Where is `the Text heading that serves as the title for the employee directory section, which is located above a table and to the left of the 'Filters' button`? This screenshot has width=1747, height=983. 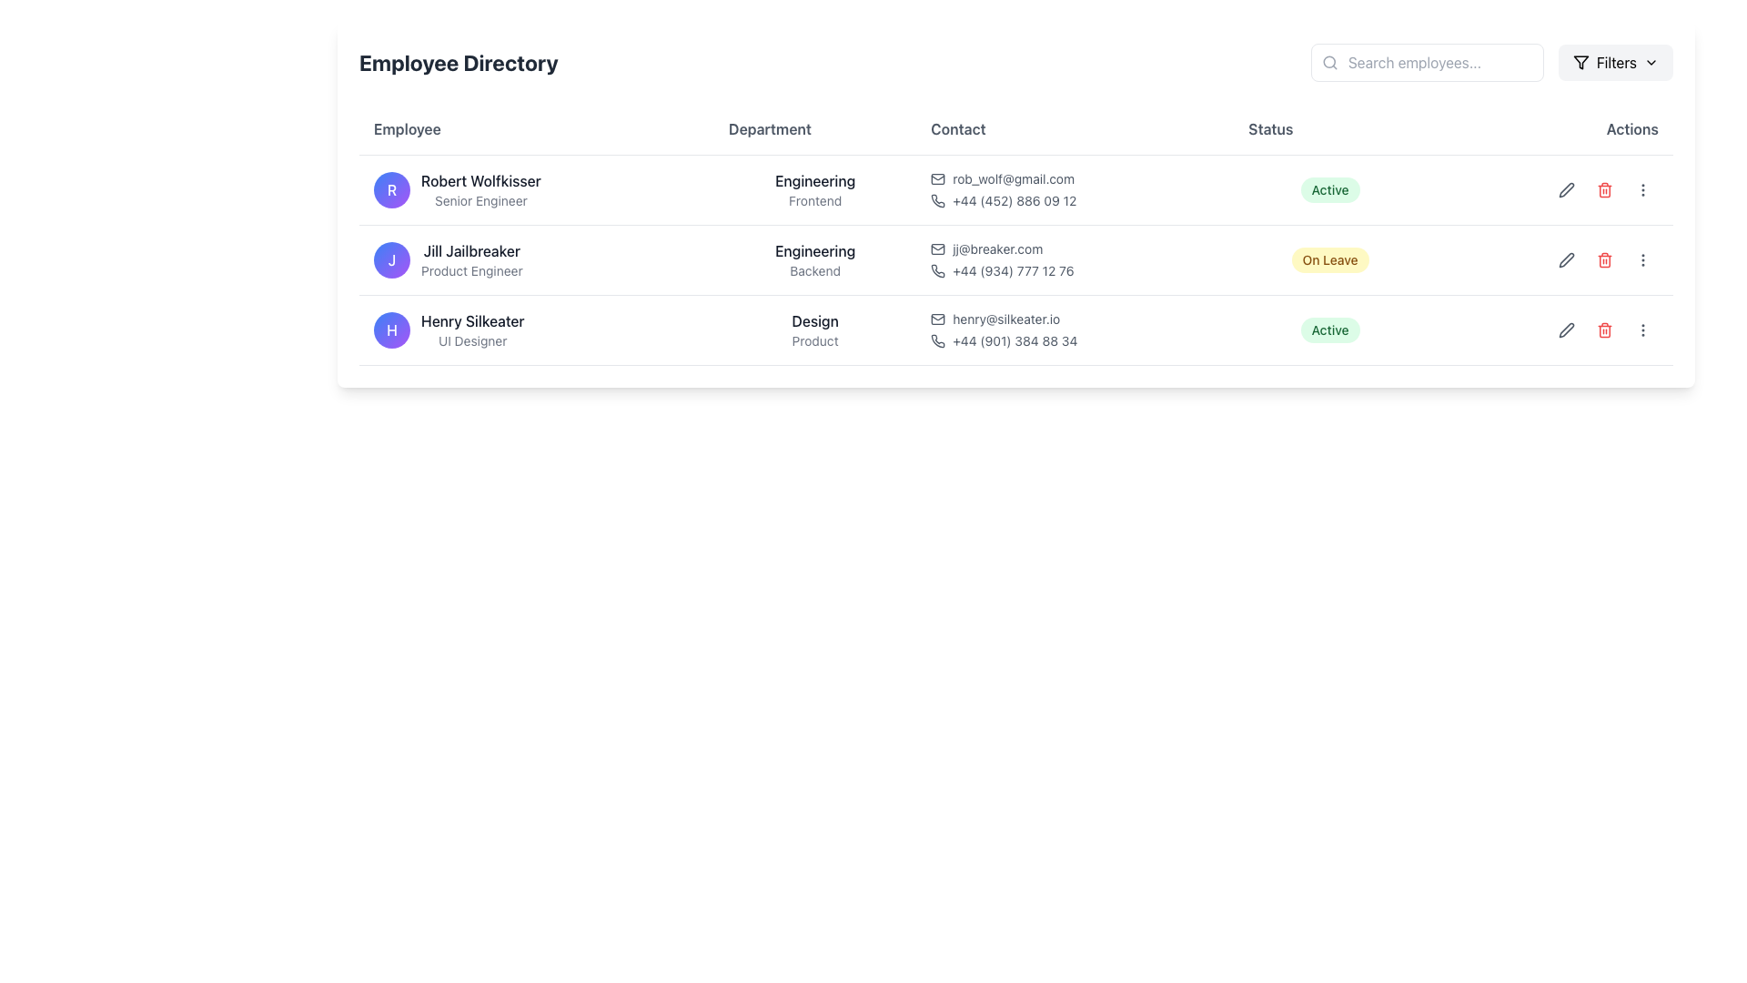
the Text heading that serves as the title for the employee directory section, which is located above a table and to the left of the 'Filters' button is located at coordinates (459, 62).